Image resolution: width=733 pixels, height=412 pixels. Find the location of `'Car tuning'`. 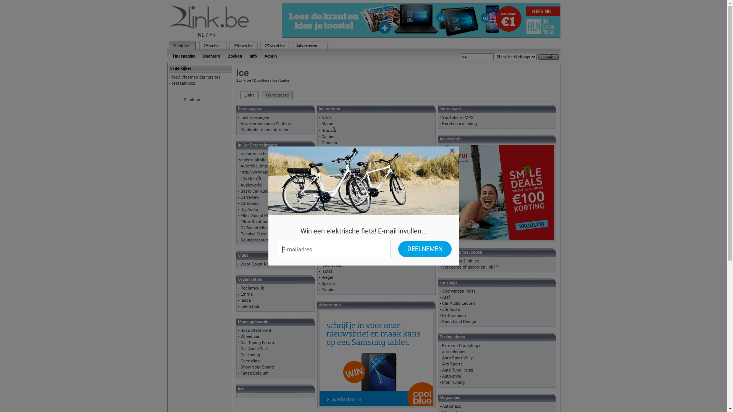

'Car tuning' is located at coordinates (250, 355).